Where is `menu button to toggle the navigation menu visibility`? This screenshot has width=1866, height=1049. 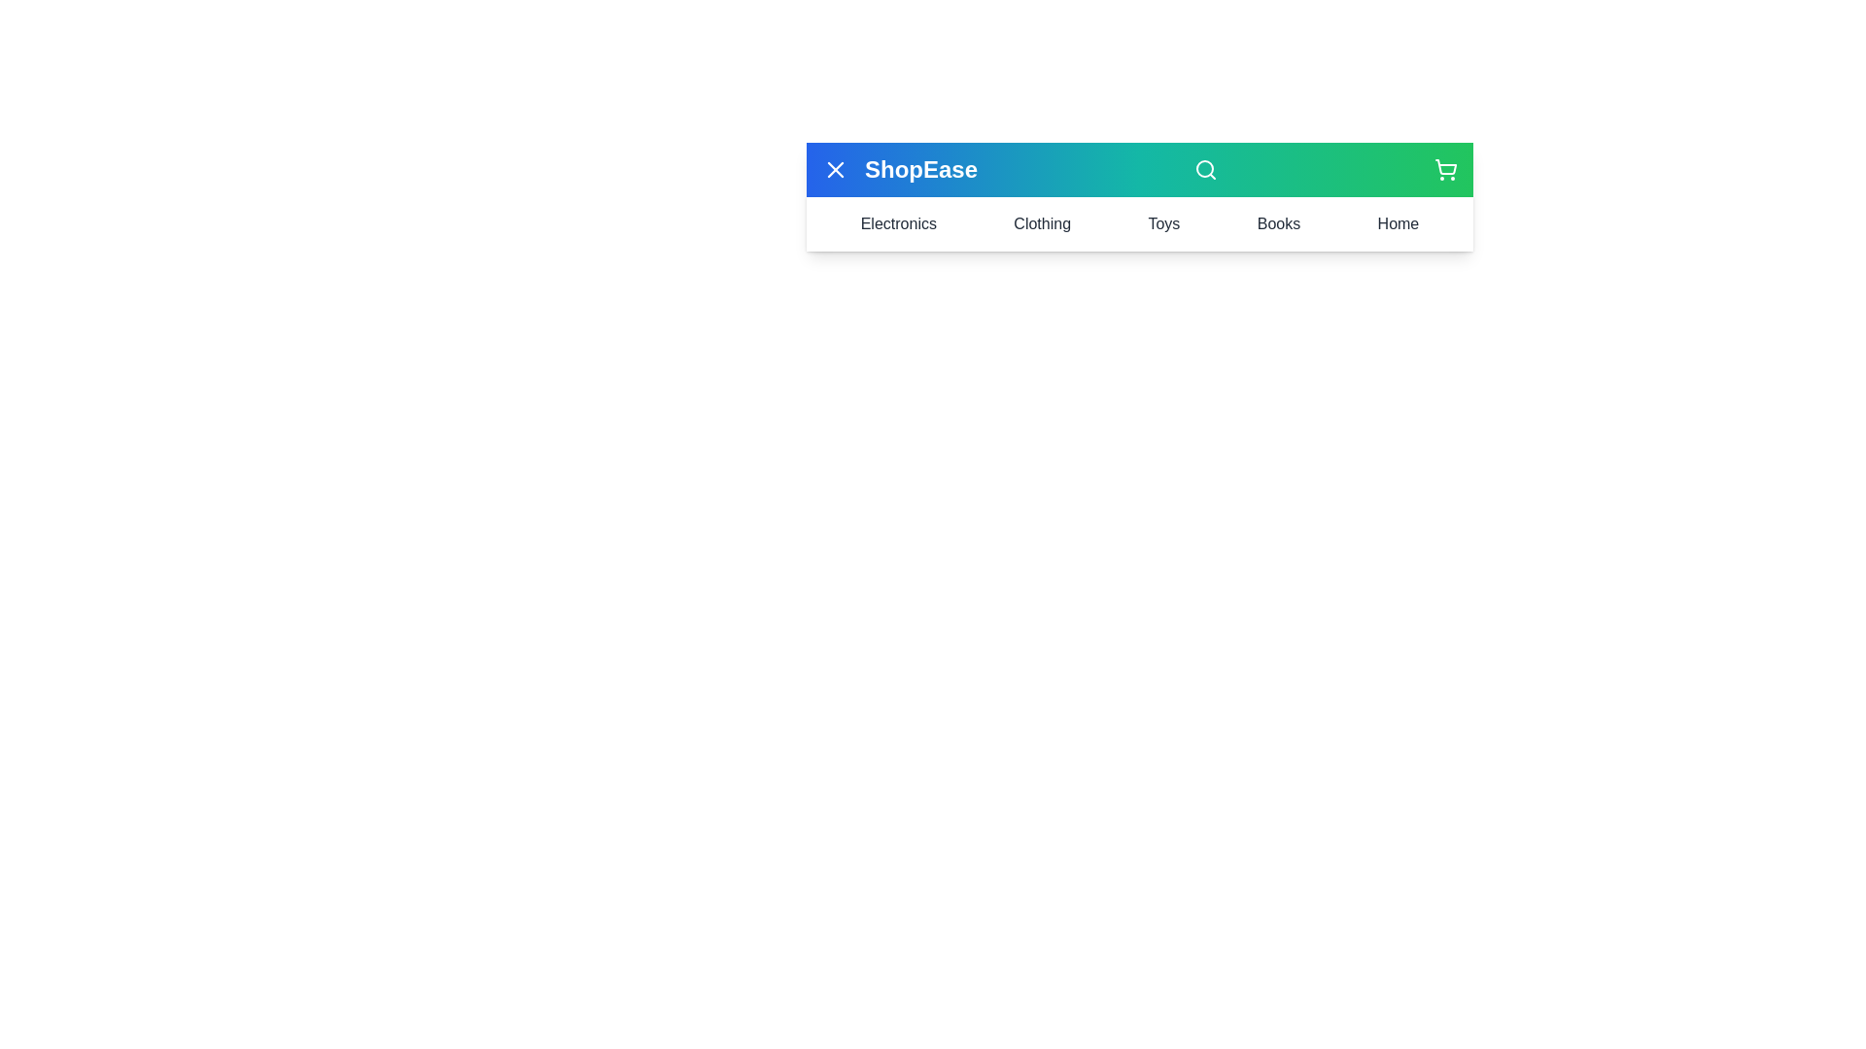 menu button to toggle the navigation menu visibility is located at coordinates (835, 168).